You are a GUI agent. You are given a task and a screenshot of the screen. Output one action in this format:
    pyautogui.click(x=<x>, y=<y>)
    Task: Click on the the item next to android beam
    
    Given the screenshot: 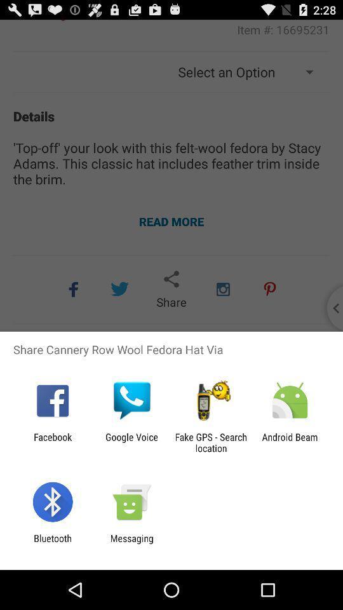 What is the action you would take?
    pyautogui.click(x=211, y=442)
    